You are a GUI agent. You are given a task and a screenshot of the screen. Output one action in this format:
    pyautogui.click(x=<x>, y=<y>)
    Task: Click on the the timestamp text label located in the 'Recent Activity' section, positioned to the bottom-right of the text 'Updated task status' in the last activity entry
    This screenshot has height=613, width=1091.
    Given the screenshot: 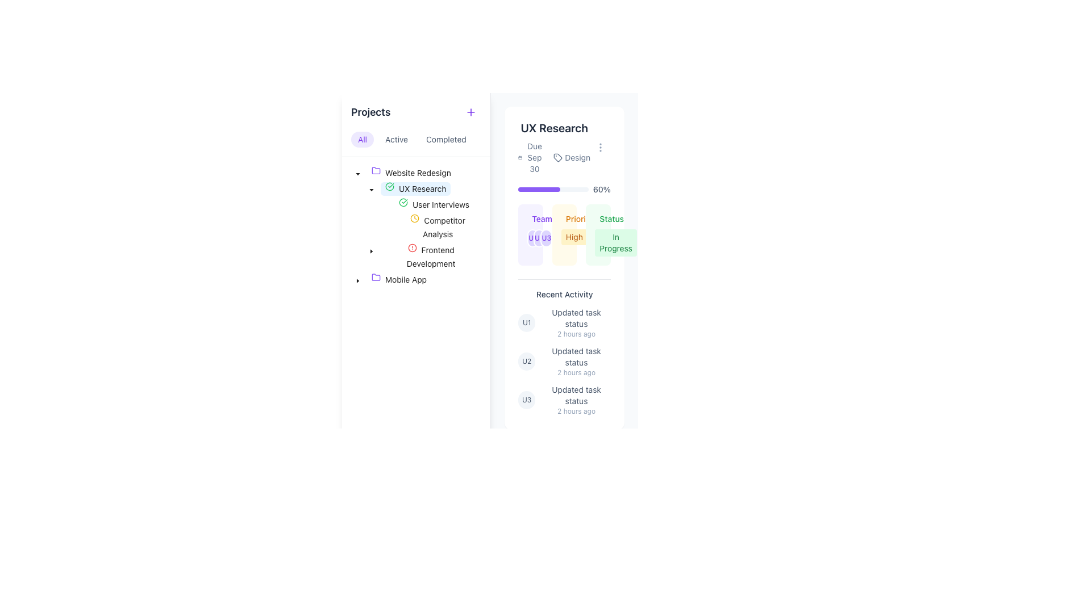 What is the action you would take?
    pyautogui.click(x=576, y=412)
    